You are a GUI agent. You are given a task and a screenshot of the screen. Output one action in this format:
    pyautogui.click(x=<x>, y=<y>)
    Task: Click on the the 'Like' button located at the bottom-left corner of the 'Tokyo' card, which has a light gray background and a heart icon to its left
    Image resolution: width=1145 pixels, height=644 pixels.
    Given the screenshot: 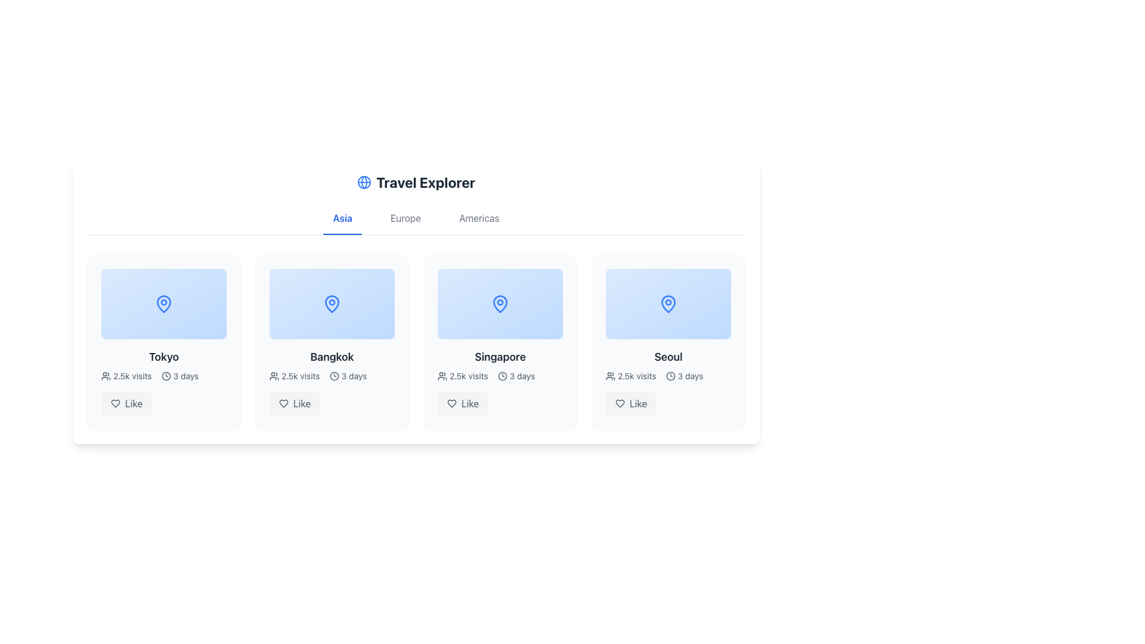 What is the action you would take?
    pyautogui.click(x=126, y=403)
    